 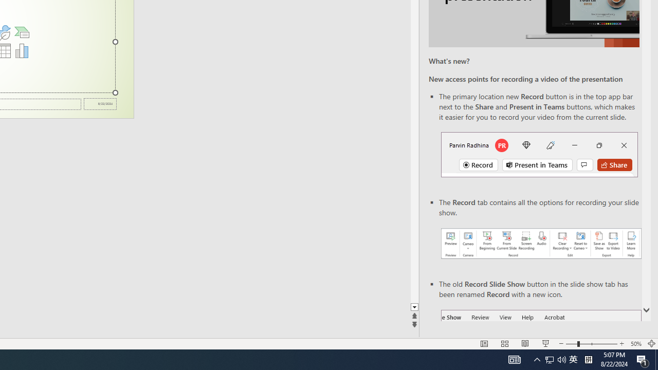 What do you see at coordinates (100, 104) in the screenshot?
I see `'Date'` at bounding box center [100, 104].